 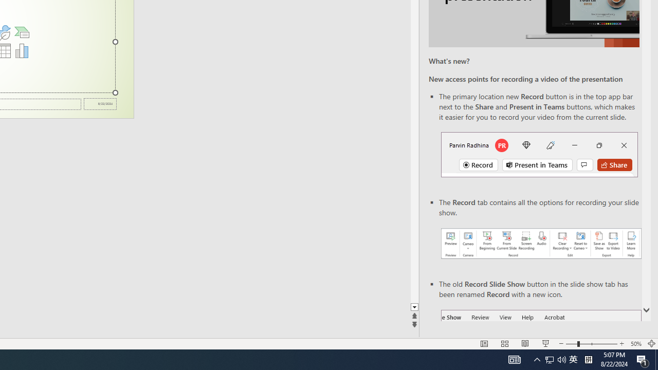 What do you see at coordinates (100, 104) in the screenshot?
I see `'Date'` at bounding box center [100, 104].